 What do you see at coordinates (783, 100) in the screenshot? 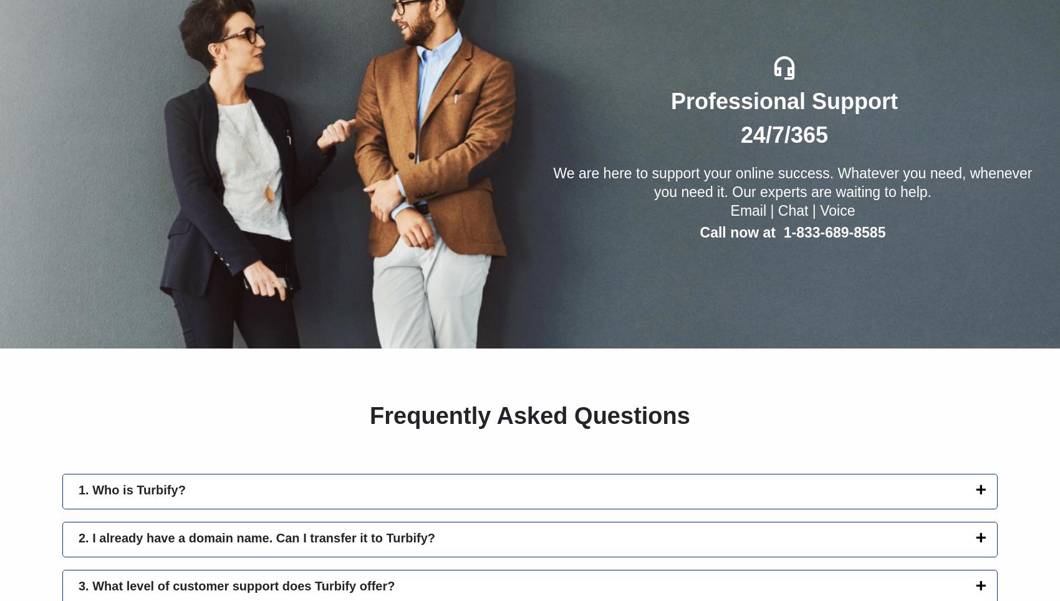
I see `'Professional Support'` at bounding box center [783, 100].